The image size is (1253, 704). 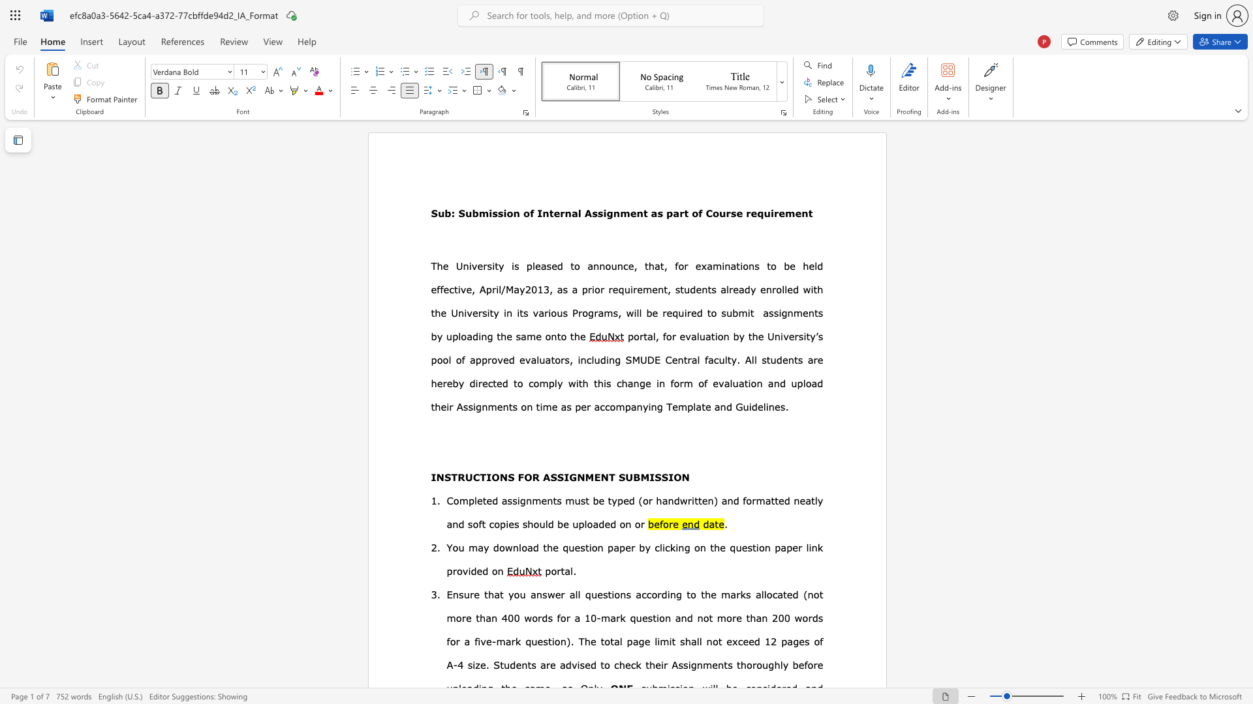 I want to click on the subset text "mit sh" within the text "al page limit shall not exceed 12", so click(x=660, y=640).